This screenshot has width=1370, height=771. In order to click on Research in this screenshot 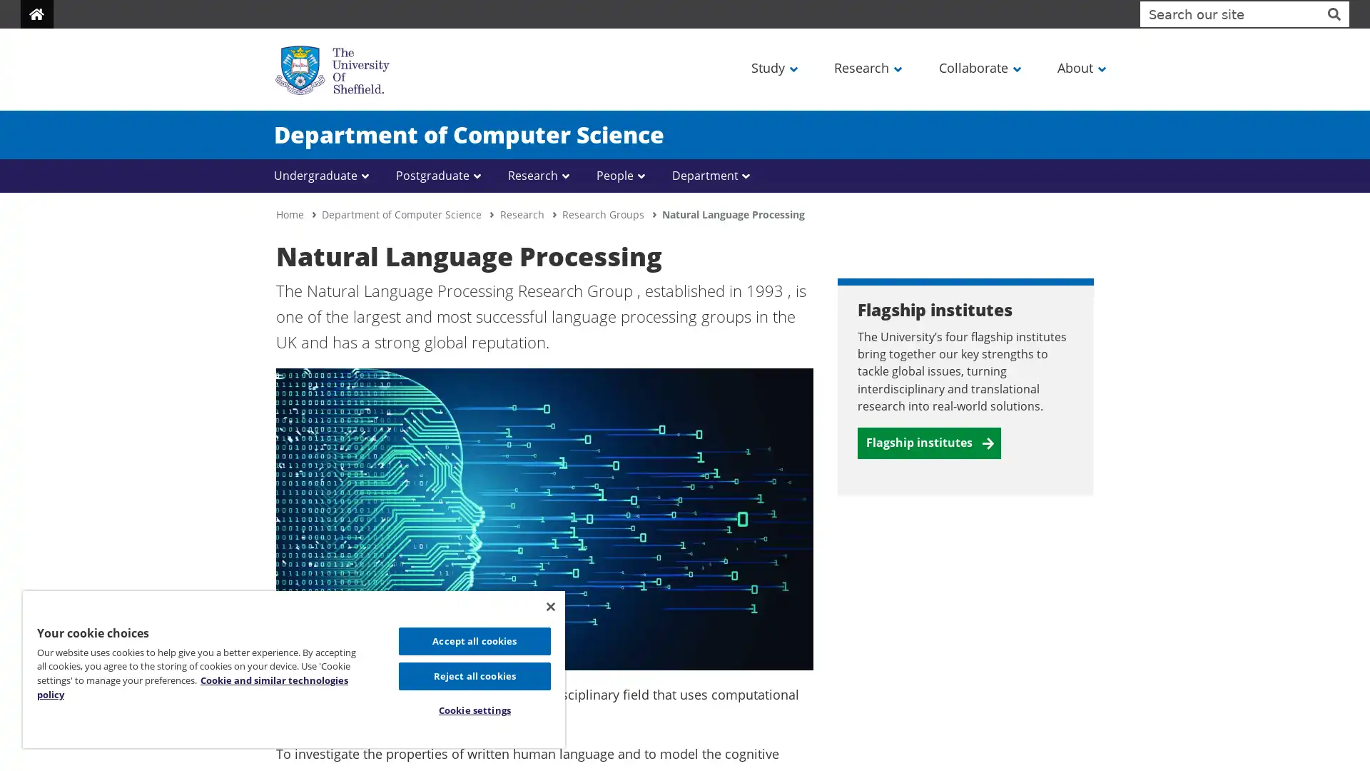, I will do `click(866, 67)`.